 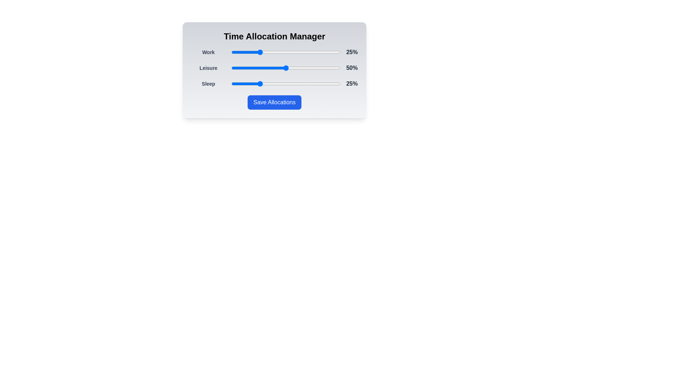 I want to click on the slider corresponding to Work, so click(x=285, y=52).